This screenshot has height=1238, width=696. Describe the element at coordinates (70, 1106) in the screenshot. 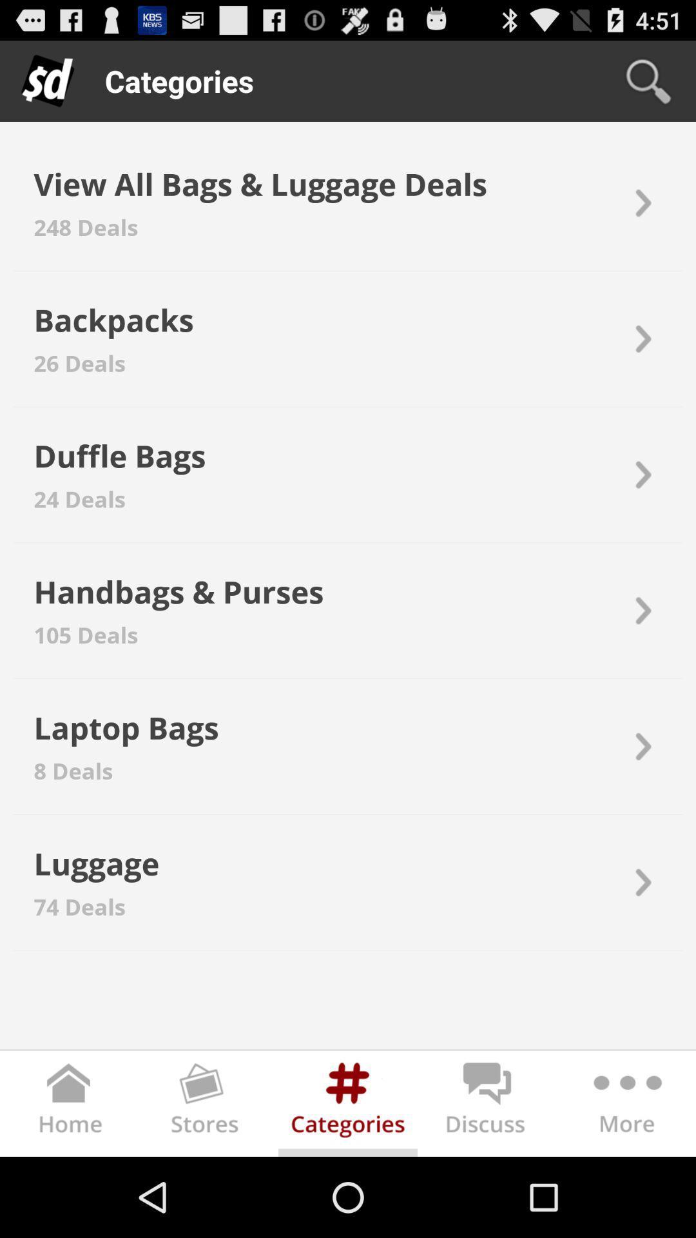

I see `go home` at that location.